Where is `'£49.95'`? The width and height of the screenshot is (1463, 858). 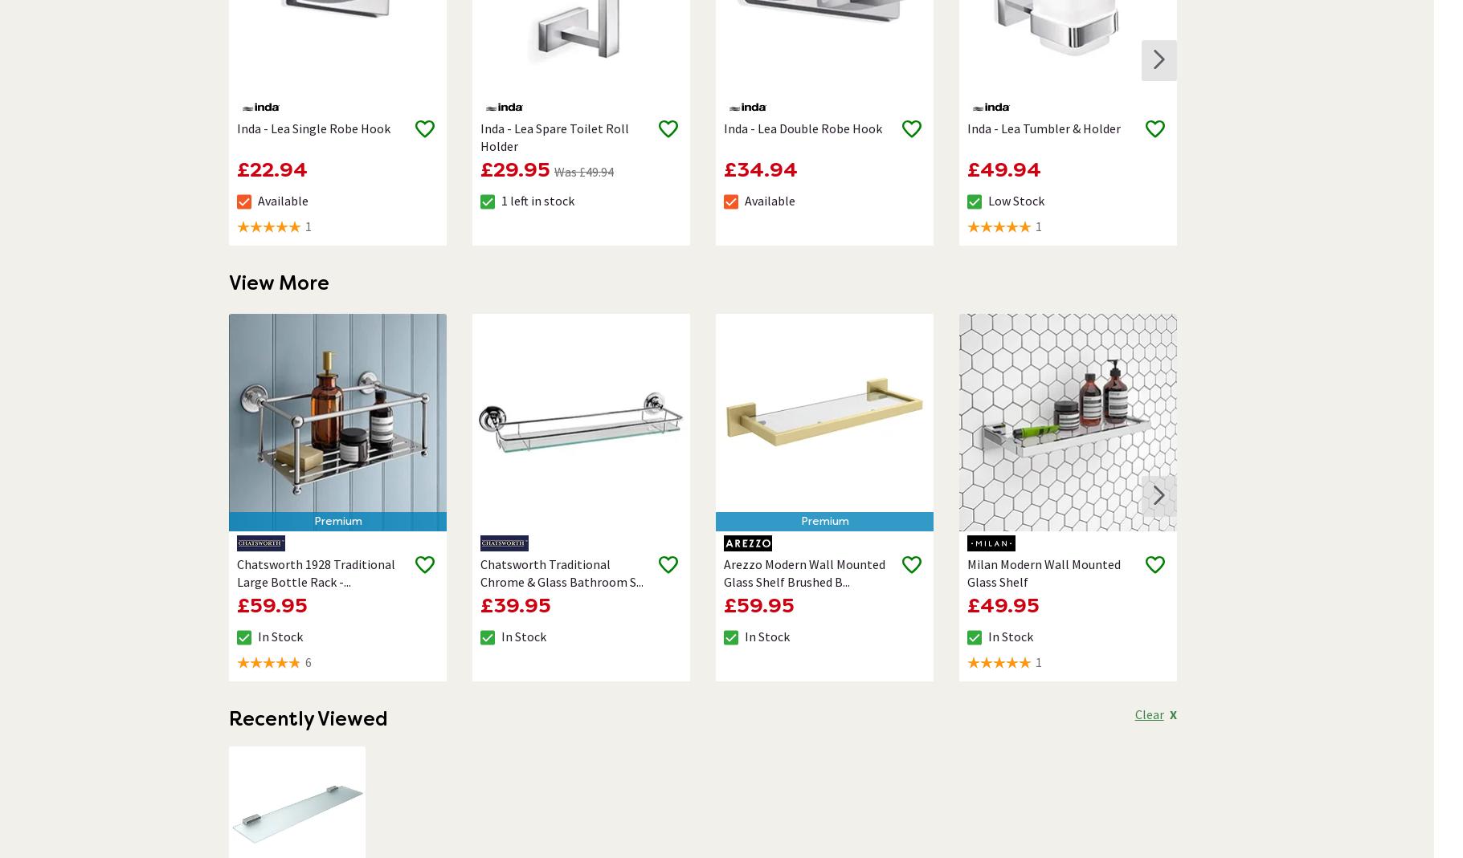 '£49.95' is located at coordinates (1002, 605).